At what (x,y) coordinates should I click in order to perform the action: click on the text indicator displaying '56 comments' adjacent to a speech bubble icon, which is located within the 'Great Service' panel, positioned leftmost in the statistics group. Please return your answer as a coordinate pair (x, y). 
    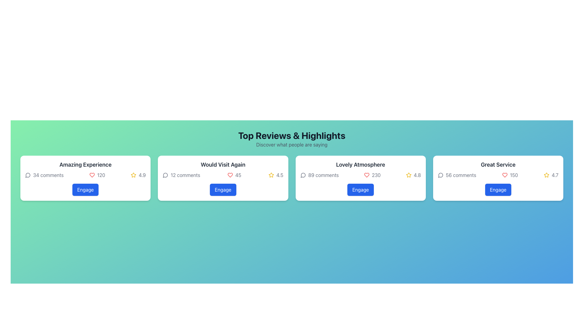
    Looking at the image, I should click on (457, 175).